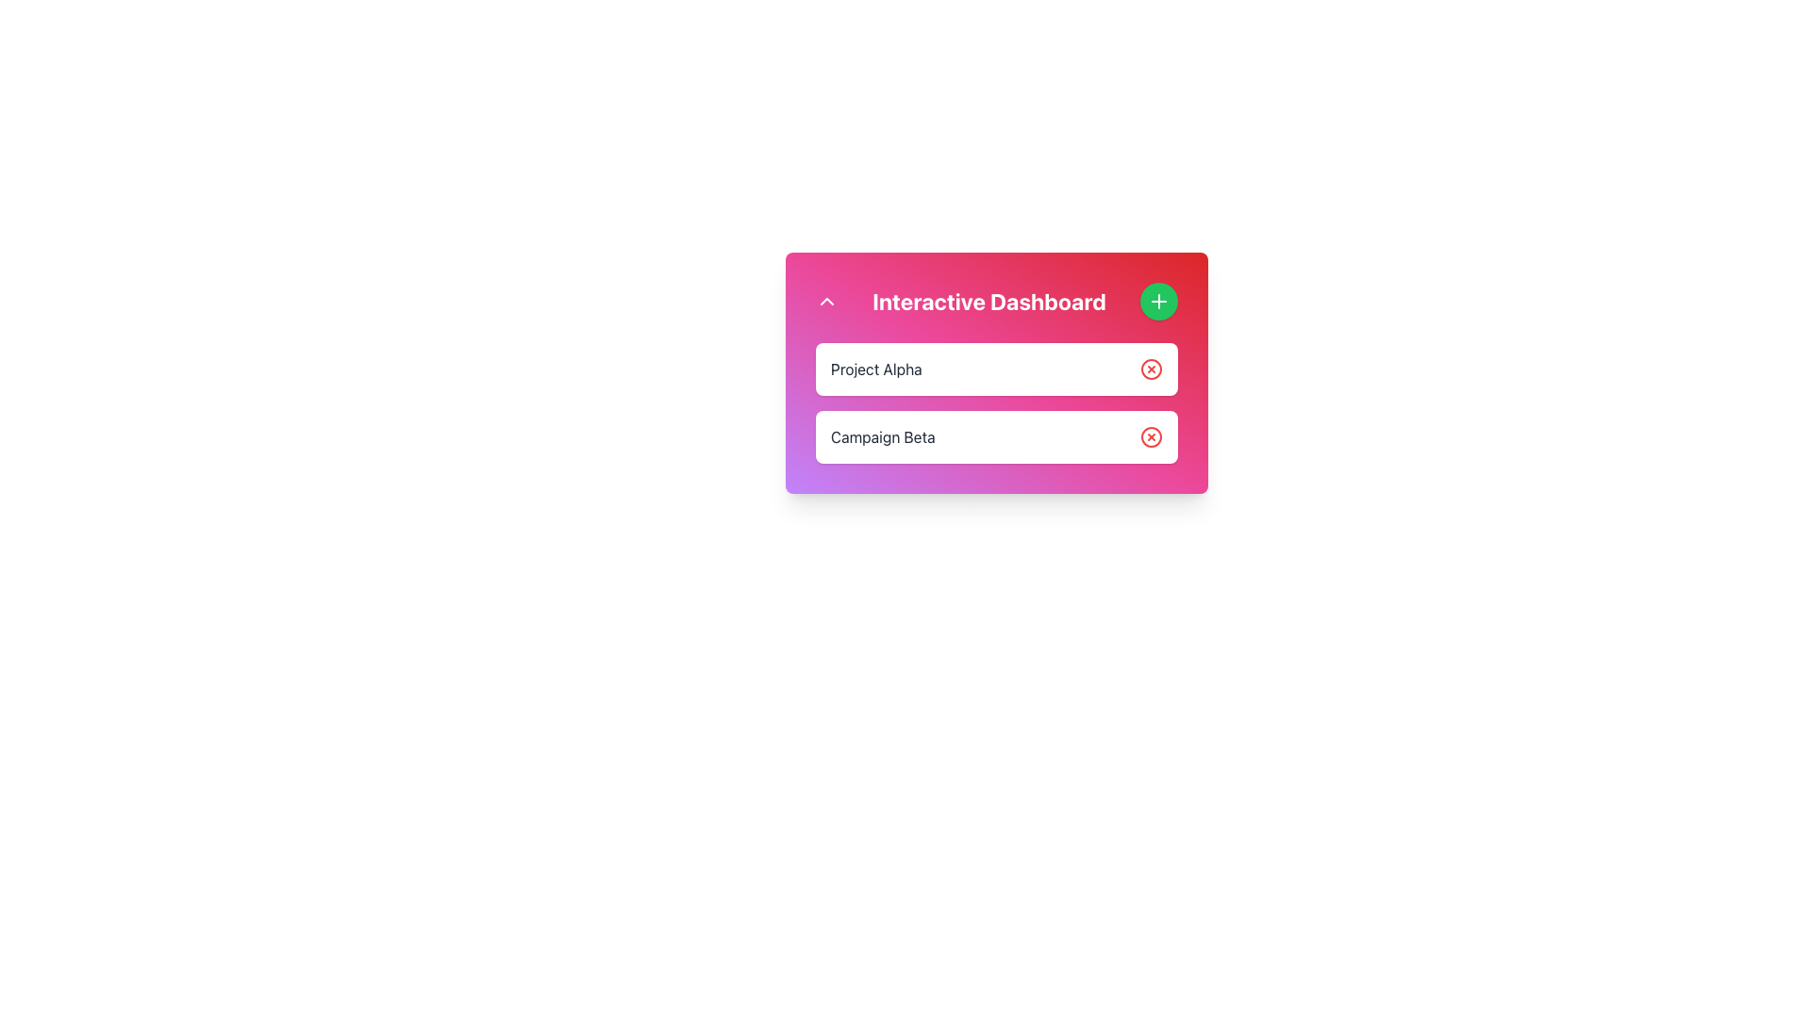  What do you see at coordinates (1157, 301) in the screenshot?
I see `the green circular button with a plus sign (+) located` at bounding box center [1157, 301].